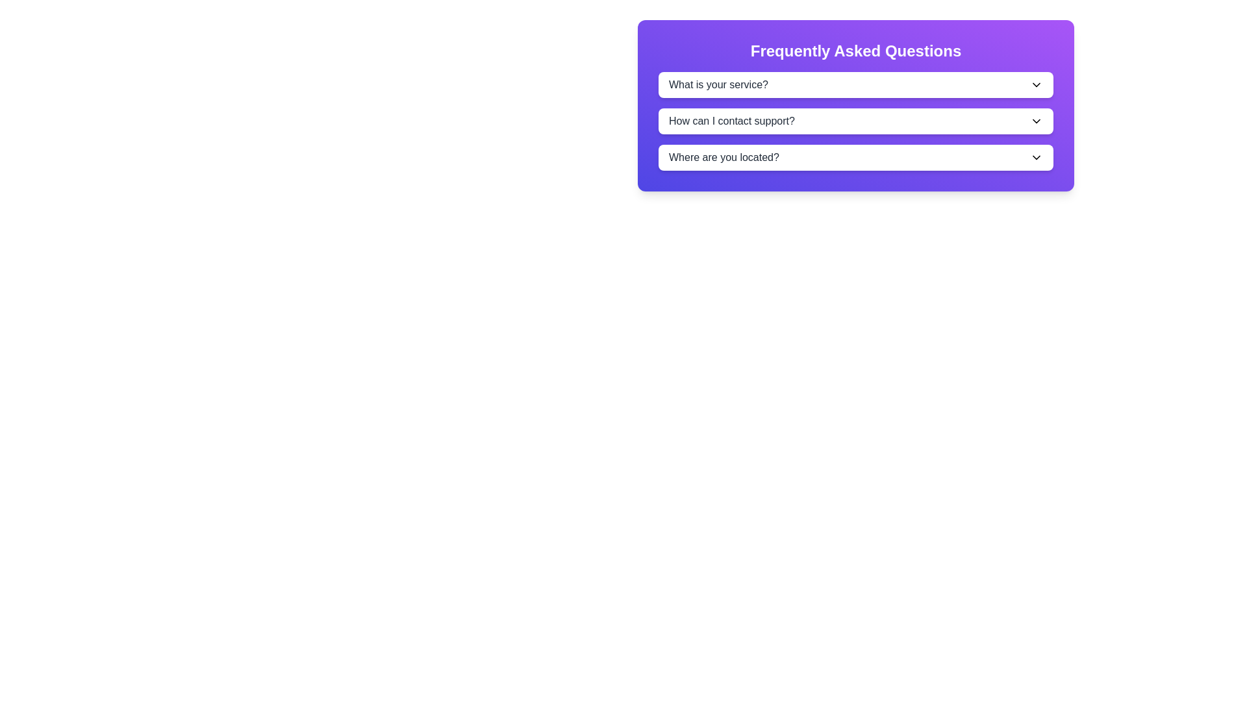  What do you see at coordinates (1036, 157) in the screenshot?
I see `the small chevron-down icon located to the far right of the 'Where are you located?' label` at bounding box center [1036, 157].